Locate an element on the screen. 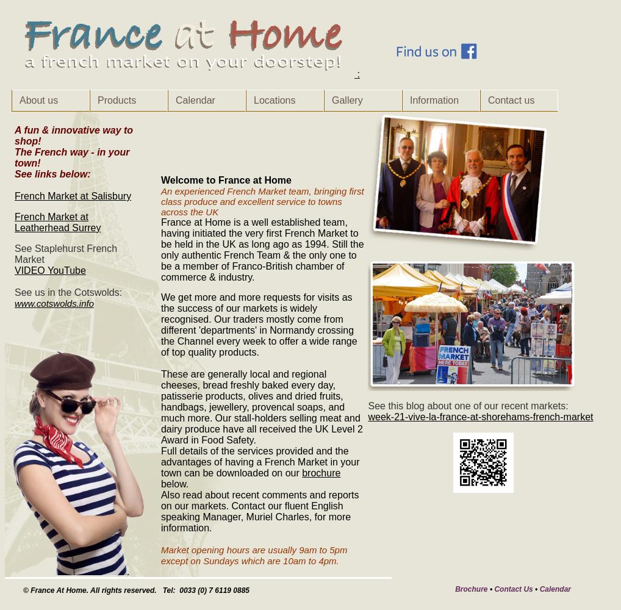  '© France At Home.  All rights reserved.   Tel:   0033 (0) 7 6119 0885' is located at coordinates (22, 590).